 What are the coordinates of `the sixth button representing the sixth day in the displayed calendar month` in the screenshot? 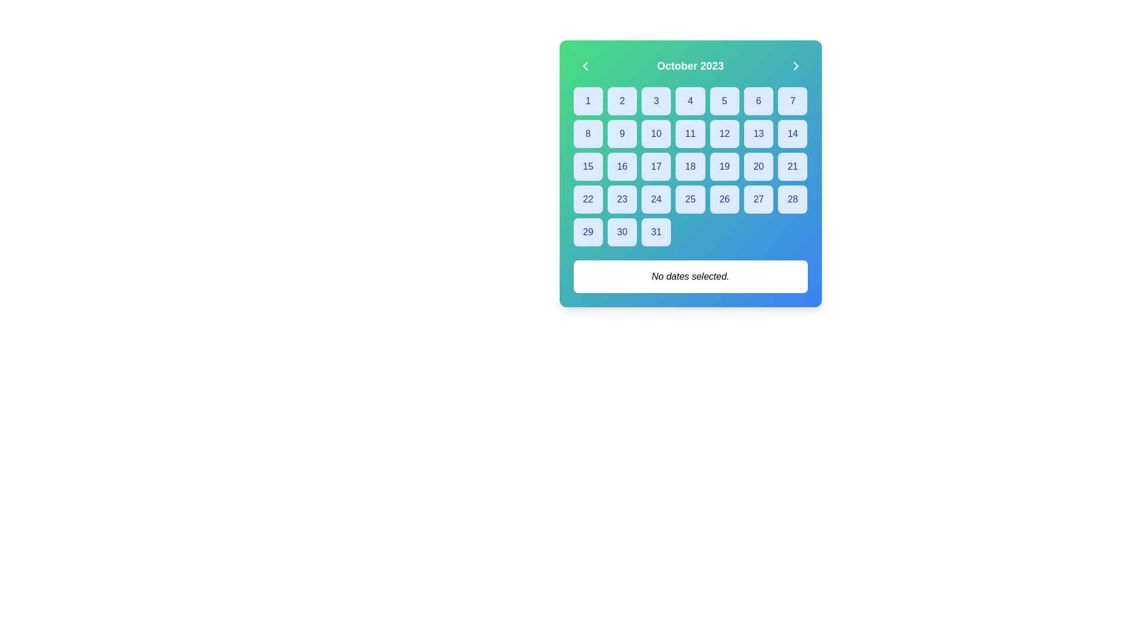 It's located at (759, 101).